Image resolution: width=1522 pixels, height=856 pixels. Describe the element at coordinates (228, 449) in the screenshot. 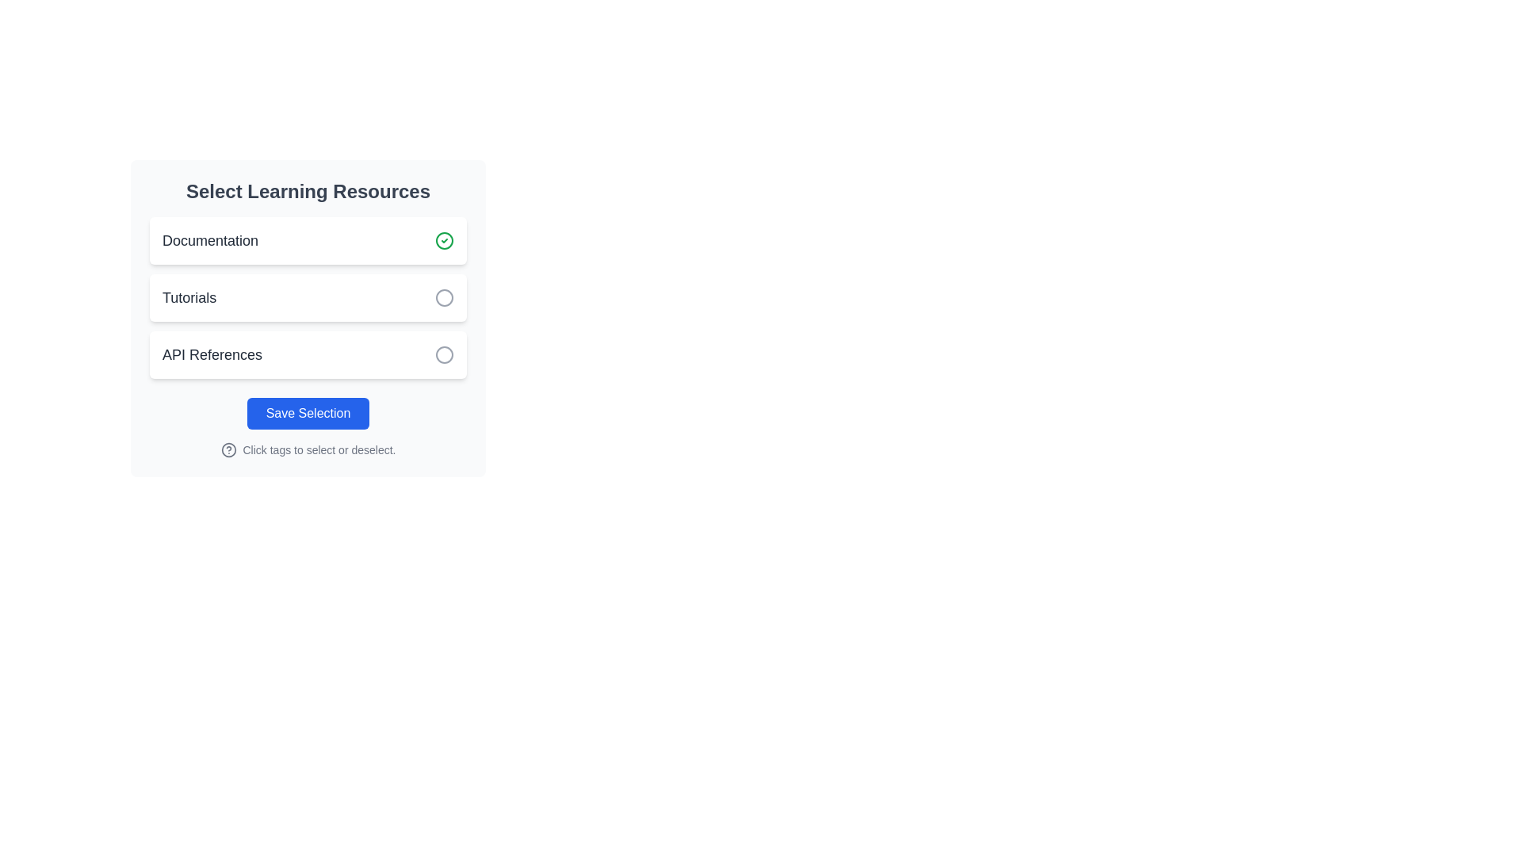

I see `the central SVG Circle element that is part of an interactive icon located at the bottom area of the interface` at that location.